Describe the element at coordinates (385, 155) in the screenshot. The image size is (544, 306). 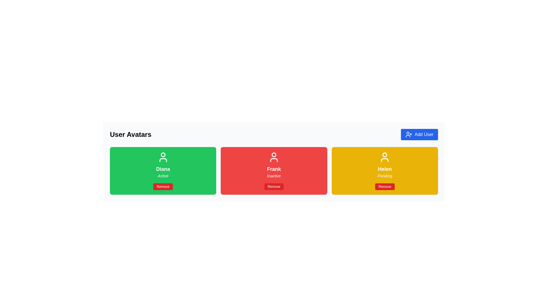
I see `the small circular head-like portion of the user avatar icon located inside the yellow rectangle labeled 'Helen', which is the third card in a horizontal row of three cards` at that location.